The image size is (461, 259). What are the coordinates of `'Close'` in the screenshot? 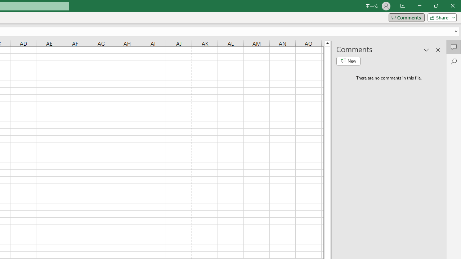 It's located at (452, 6).